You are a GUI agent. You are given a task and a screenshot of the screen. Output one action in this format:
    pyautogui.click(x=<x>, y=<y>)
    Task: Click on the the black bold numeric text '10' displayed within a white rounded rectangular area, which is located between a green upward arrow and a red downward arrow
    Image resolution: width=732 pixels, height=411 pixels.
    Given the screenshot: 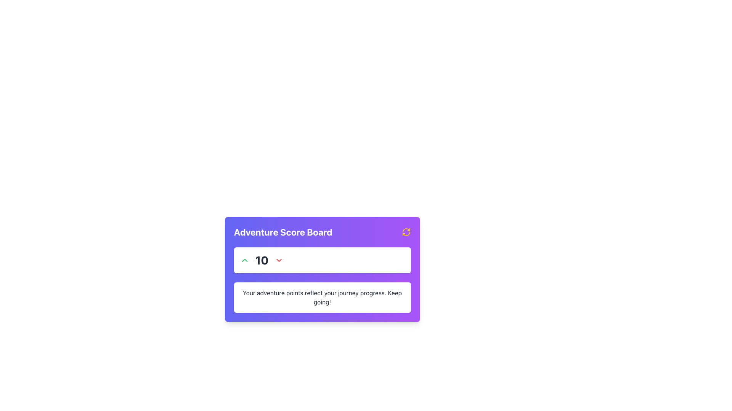 What is the action you would take?
    pyautogui.click(x=262, y=260)
    